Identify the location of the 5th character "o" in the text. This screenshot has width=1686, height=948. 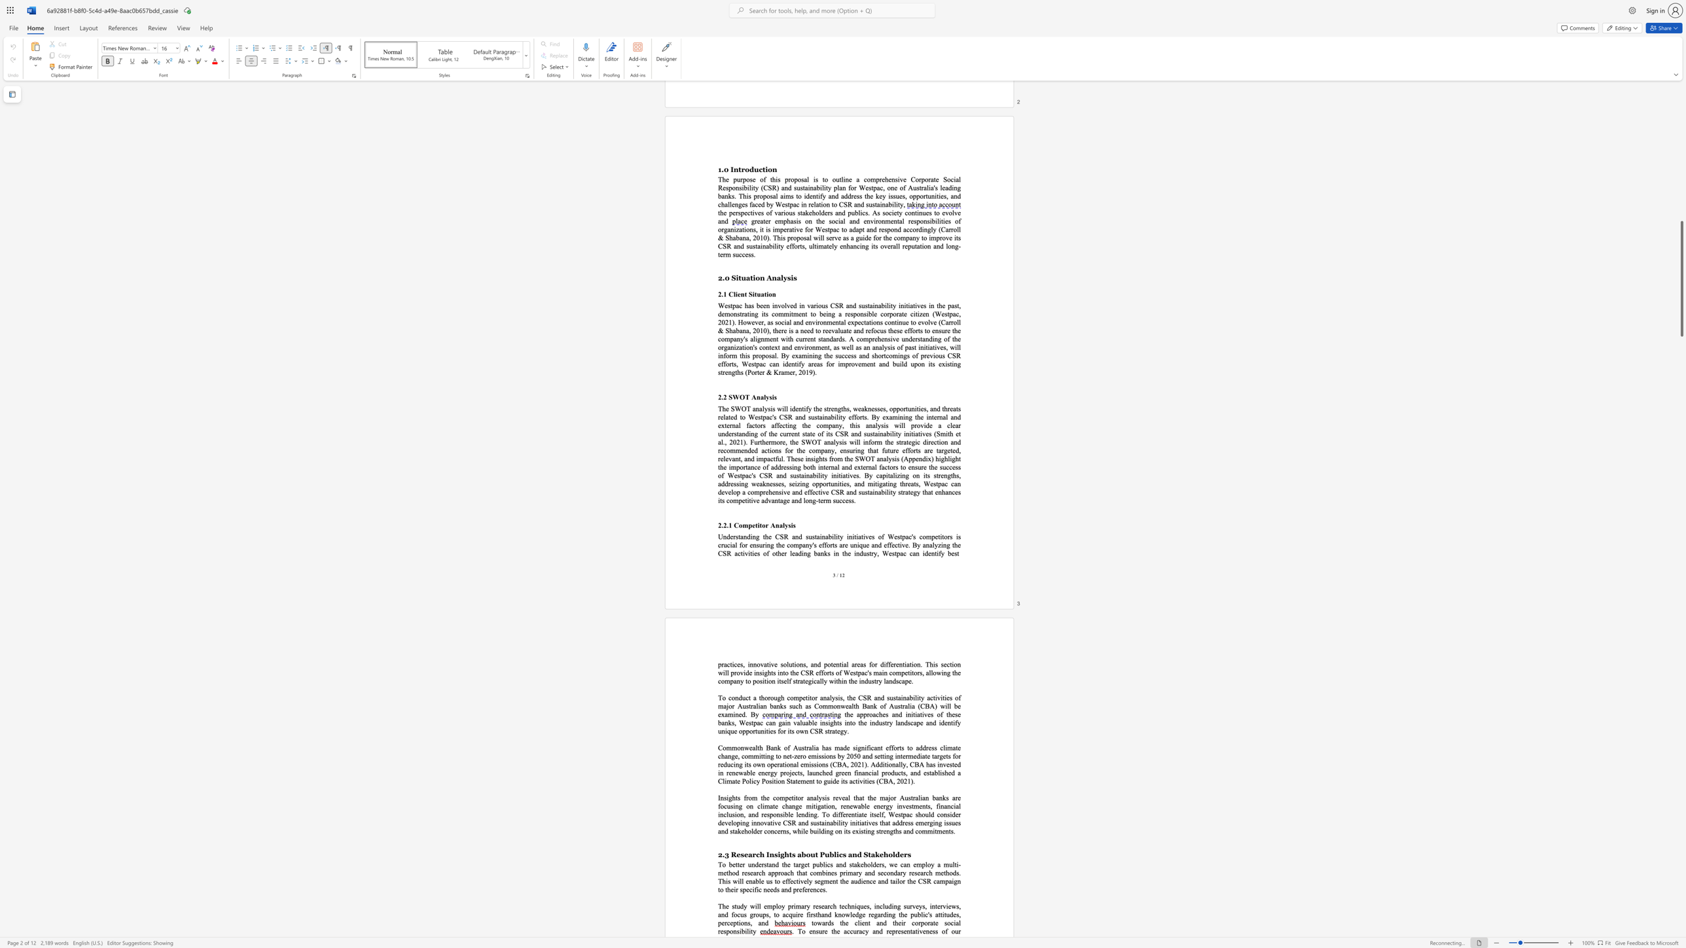
(792, 697).